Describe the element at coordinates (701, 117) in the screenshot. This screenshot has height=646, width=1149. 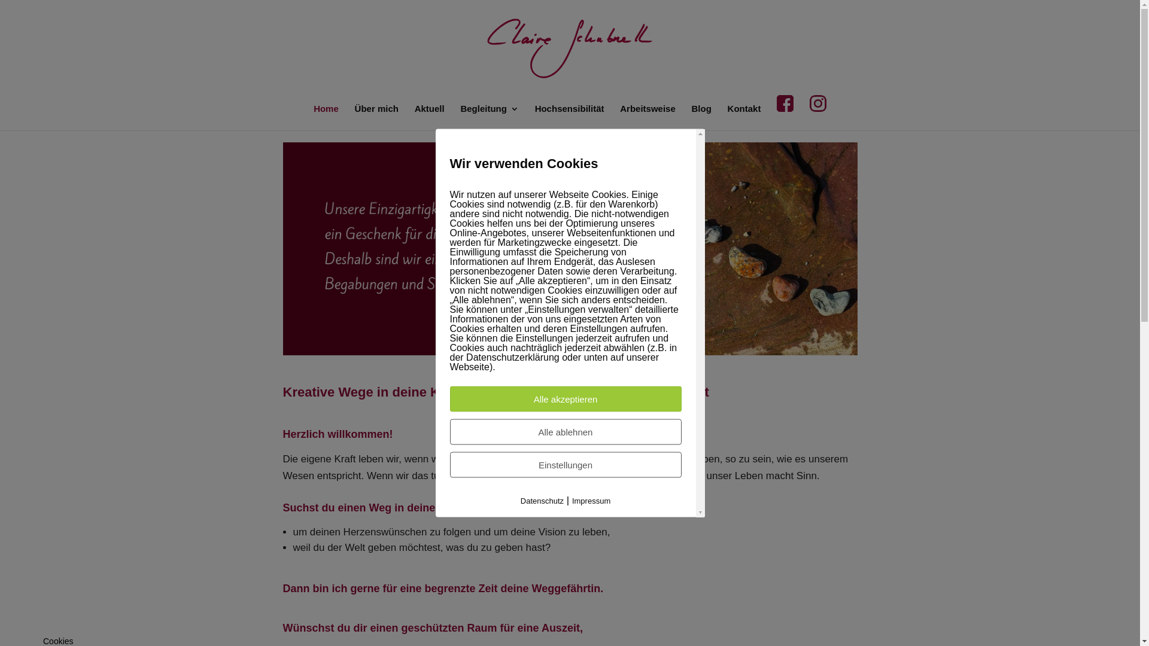
I see `'Blog'` at that location.